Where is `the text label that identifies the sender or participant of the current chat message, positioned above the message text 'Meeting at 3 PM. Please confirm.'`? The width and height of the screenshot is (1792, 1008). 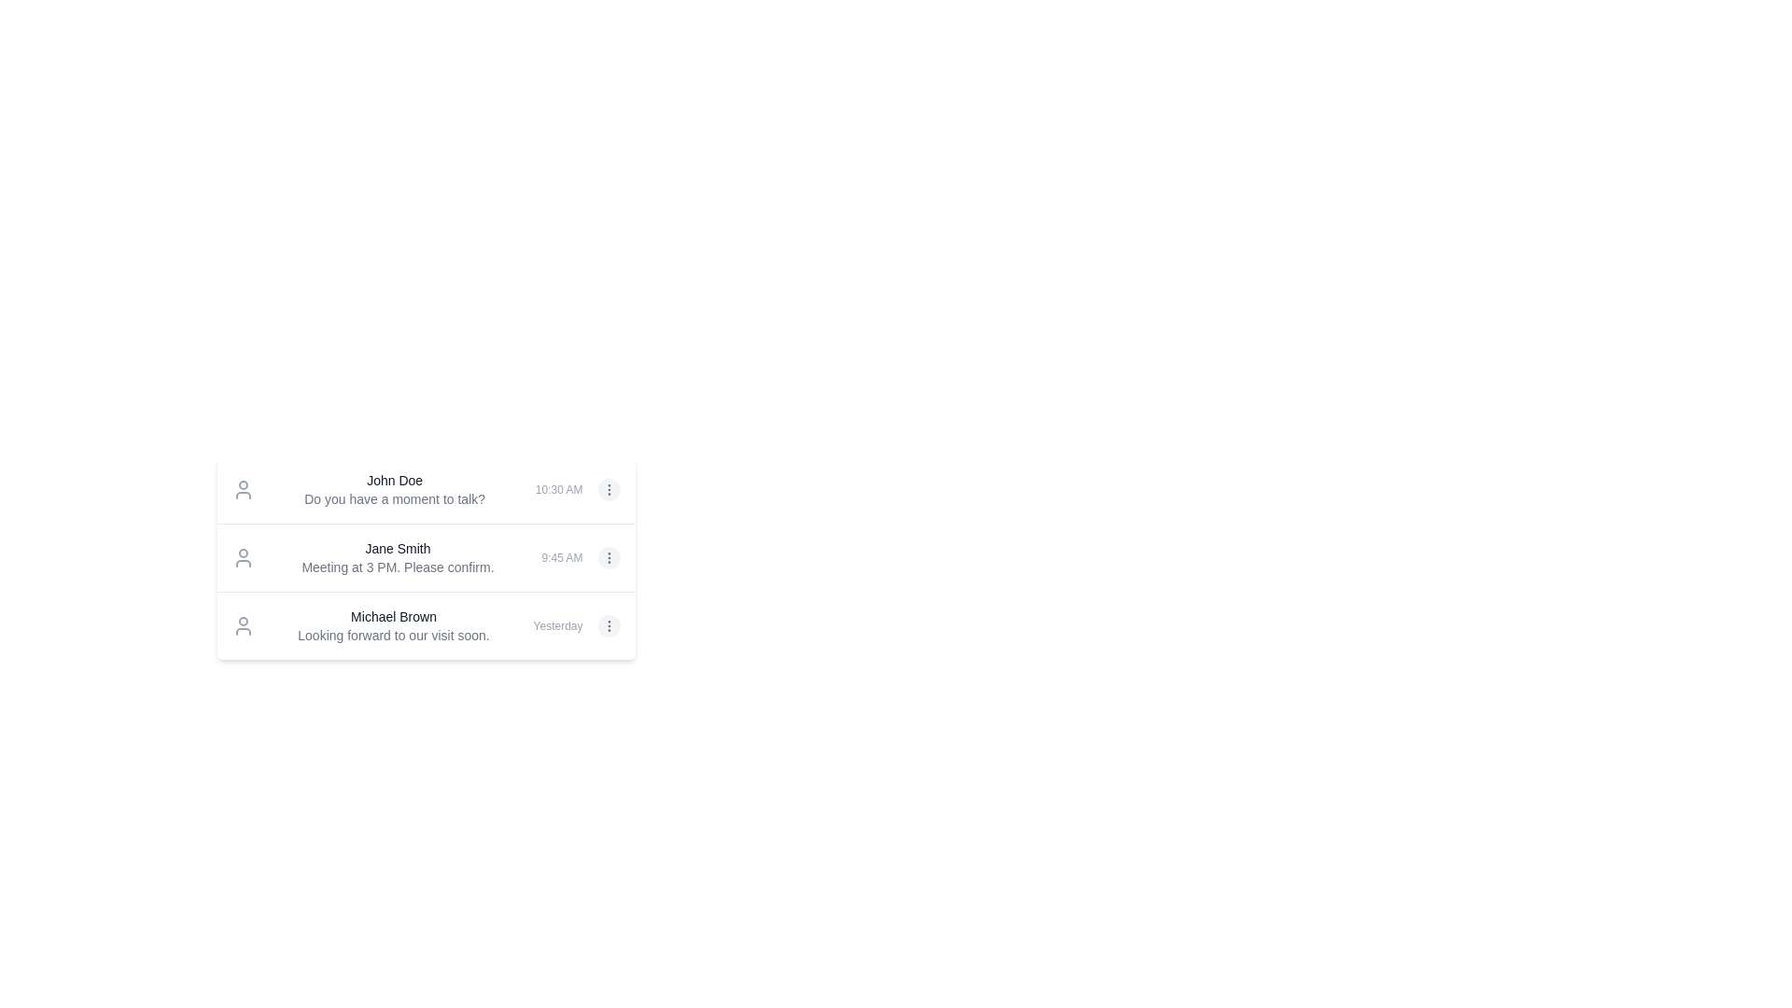
the text label that identifies the sender or participant of the current chat message, positioned above the message text 'Meeting at 3 PM. Please confirm.' is located at coordinates (397, 547).